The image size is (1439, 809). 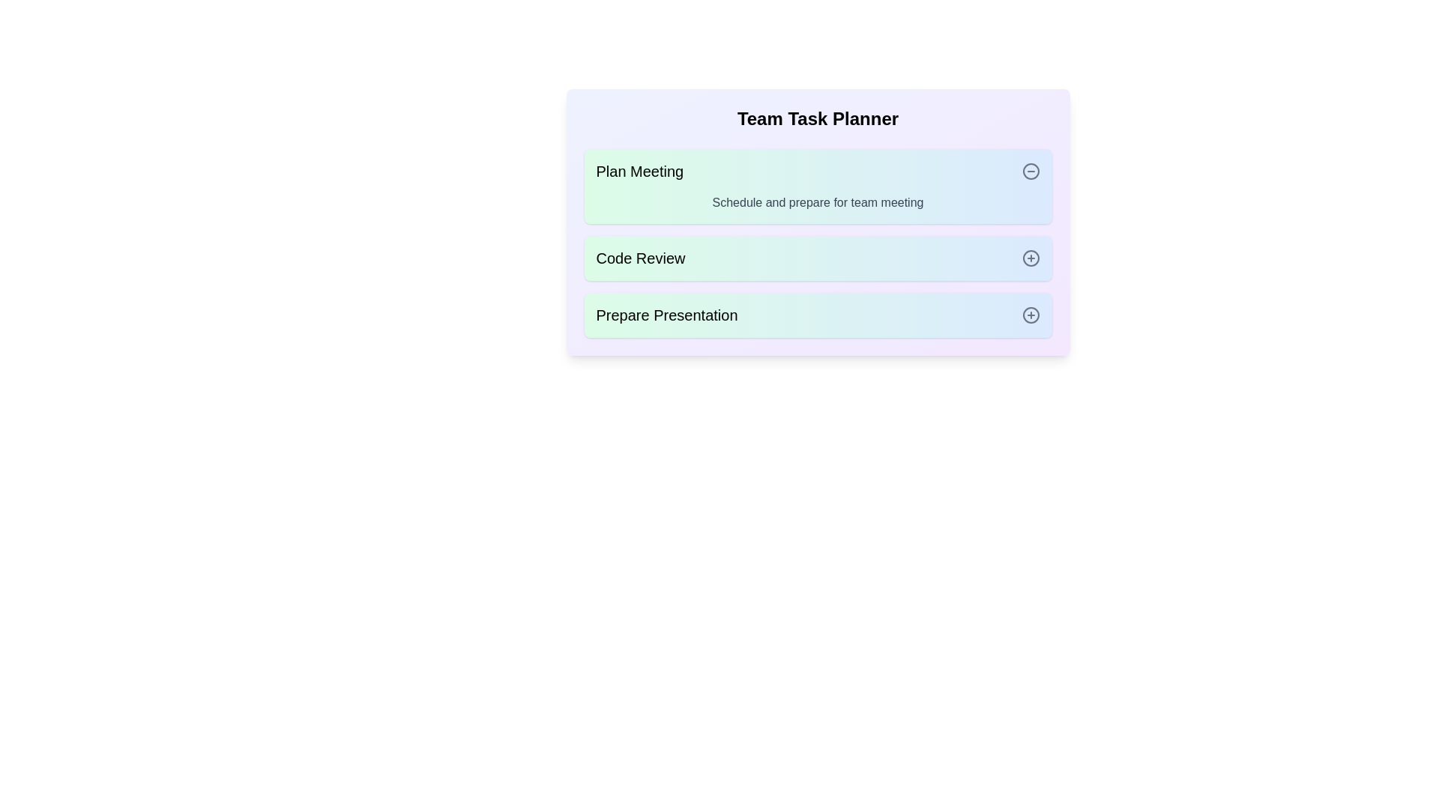 What do you see at coordinates (1030, 257) in the screenshot?
I see `the toggle button for the task with name Code Review` at bounding box center [1030, 257].